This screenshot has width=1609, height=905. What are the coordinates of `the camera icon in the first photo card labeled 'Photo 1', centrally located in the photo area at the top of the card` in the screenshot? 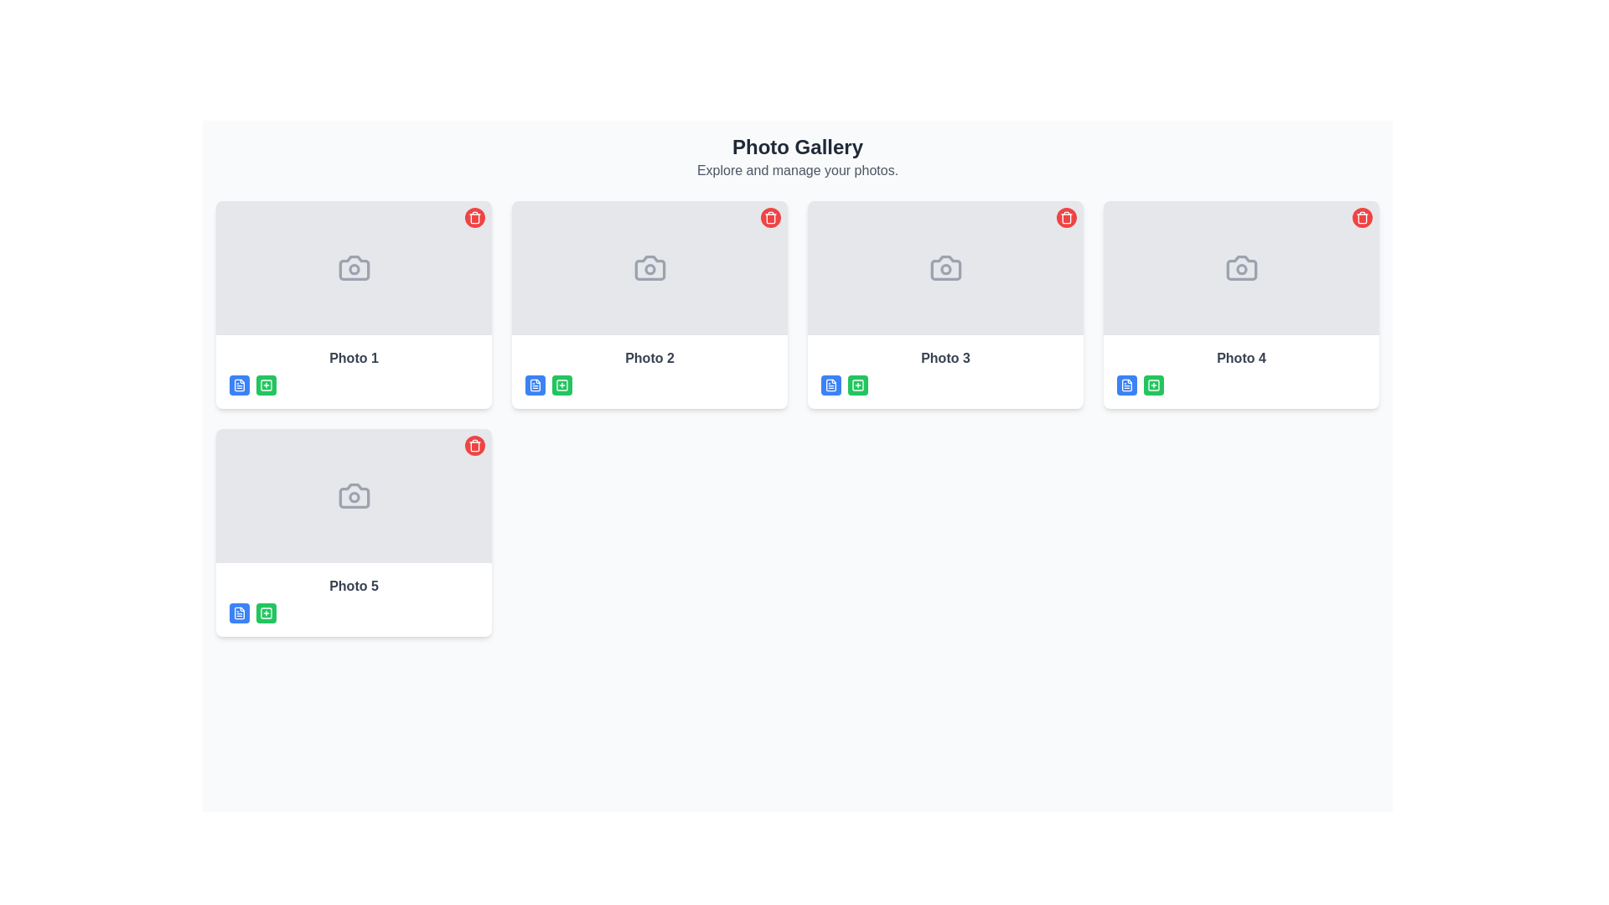 It's located at (353, 267).